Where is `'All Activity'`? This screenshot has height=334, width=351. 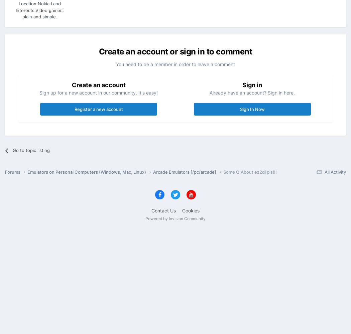
'All Activity' is located at coordinates (324, 172).